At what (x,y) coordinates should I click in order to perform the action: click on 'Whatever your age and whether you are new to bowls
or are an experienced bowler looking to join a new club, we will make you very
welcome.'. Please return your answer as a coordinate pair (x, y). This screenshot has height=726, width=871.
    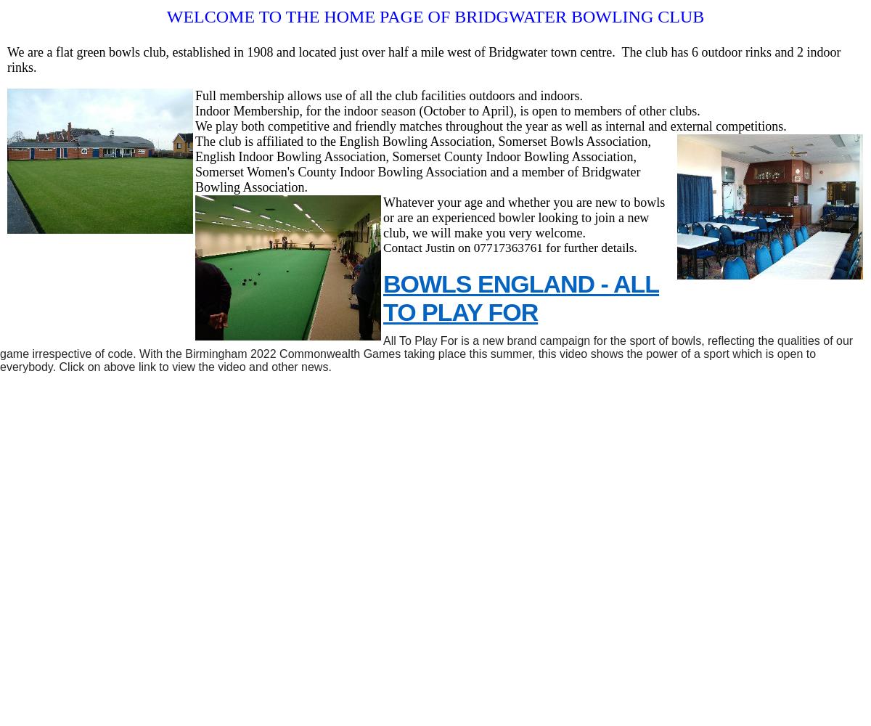
    Looking at the image, I should click on (524, 218).